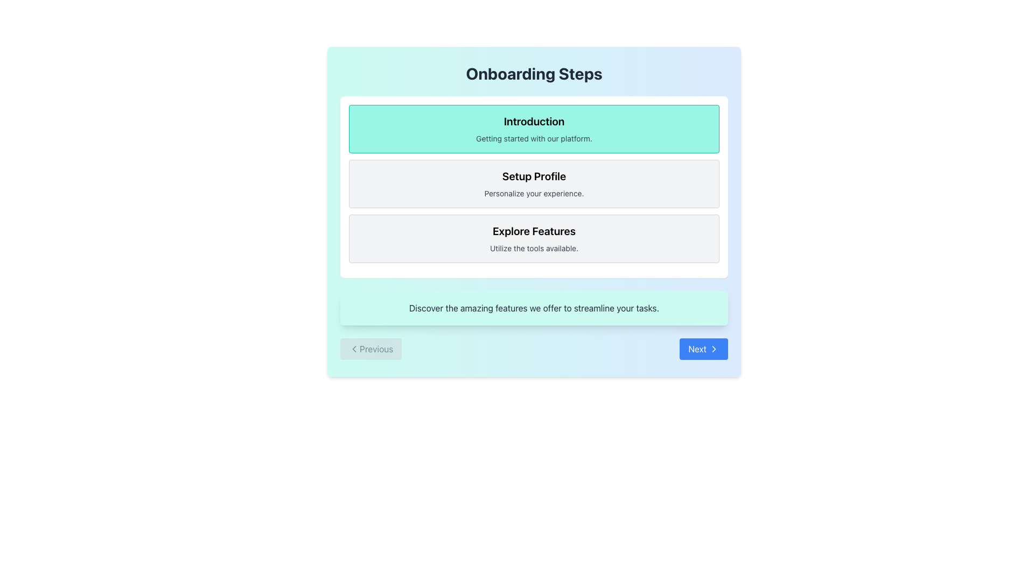 Image resolution: width=1034 pixels, height=581 pixels. I want to click on the descriptive subtitle text label for the 'Introduction' onboarding section, which is located in the middle-left portion of the interface within a turquoise-bordered box, so click(534, 138).